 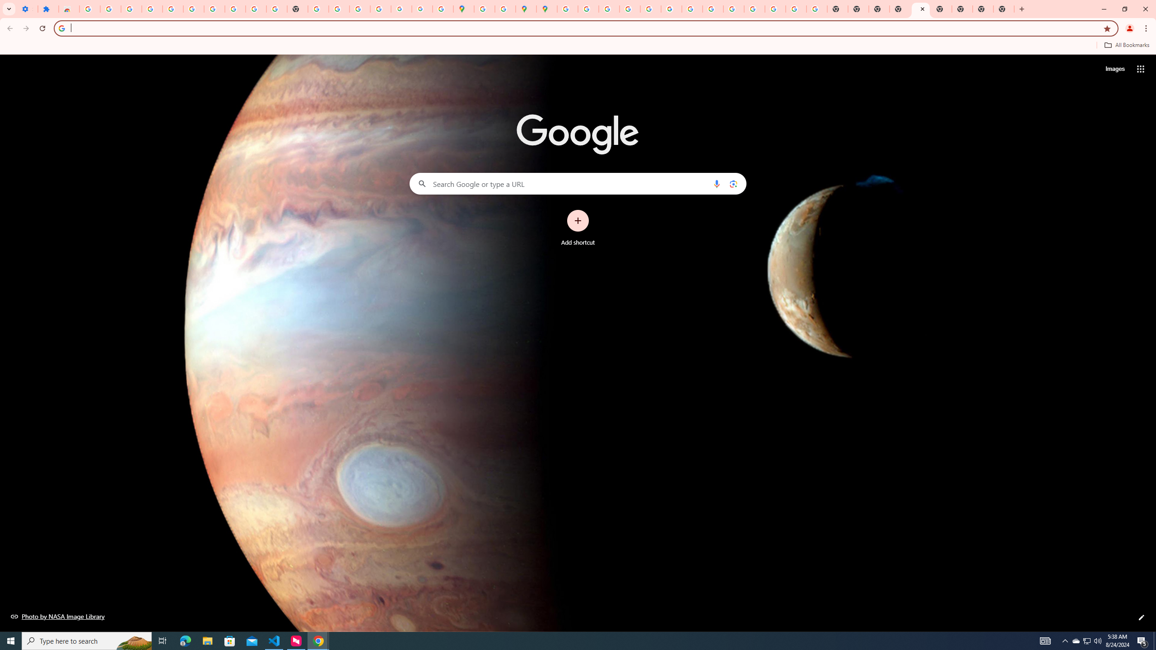 What do you see at coordinates (9, 9) in the screenshot?
I see `'Search tabs'` at bounding box center [9, 9].